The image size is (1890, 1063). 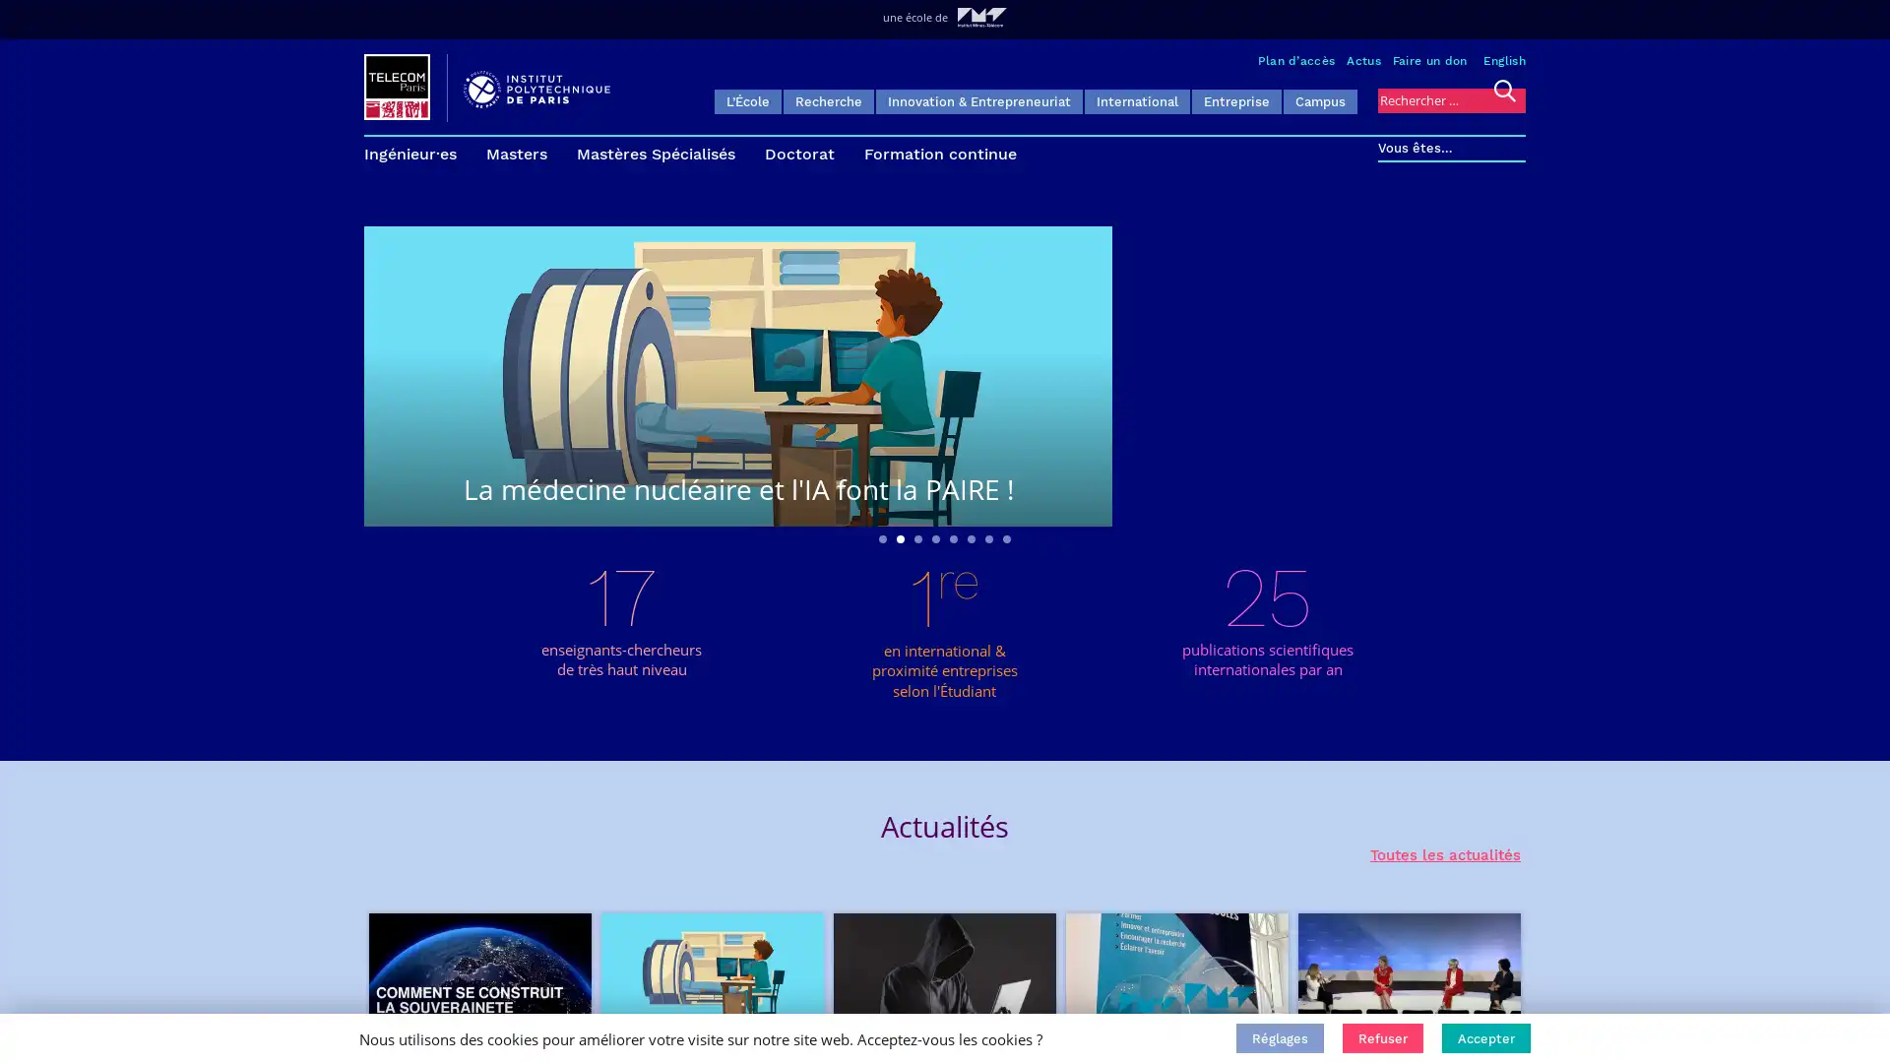 What do you see at coordinates (1280, 1036) in the screenshot?
I see `Reglages` at bounding box center [1280, 1036].